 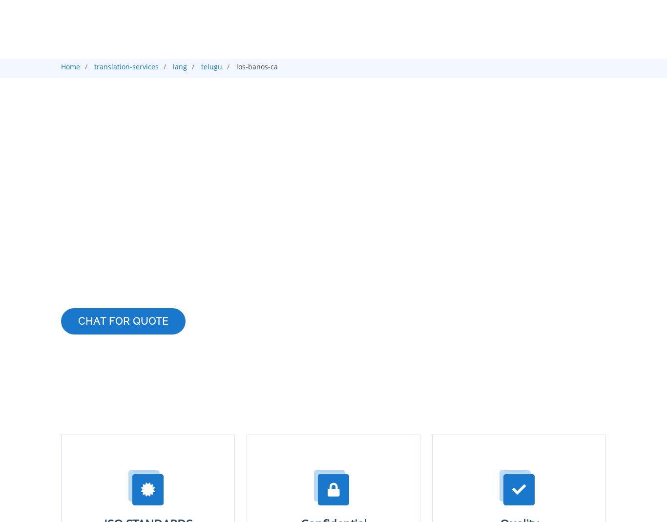 What do you see at coordinates (401, 6) in the screenshot?
I see `'Swiss'` at bounding box center [401, 6].